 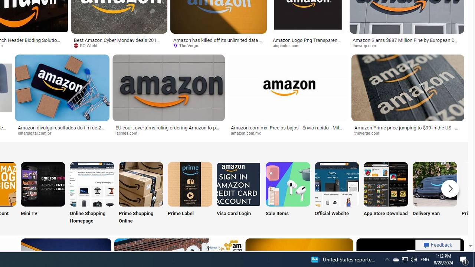 I want to click on 'Amazon Mini TV', so click(x=43, y=184).